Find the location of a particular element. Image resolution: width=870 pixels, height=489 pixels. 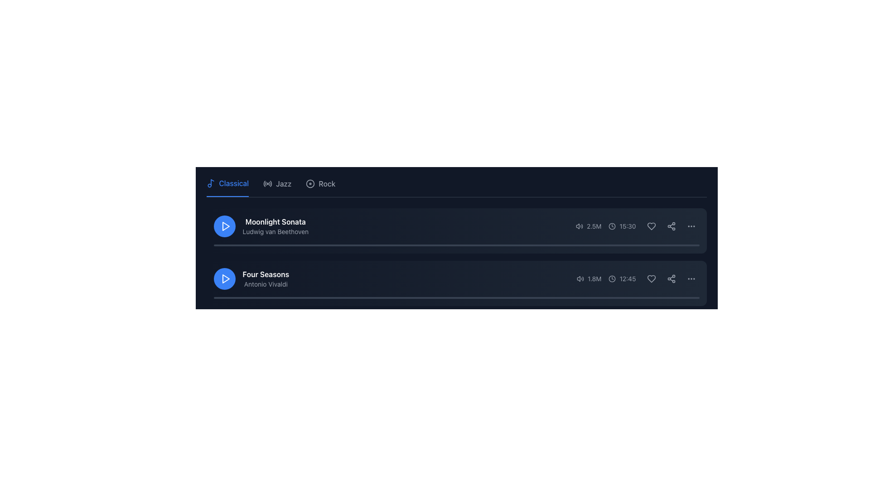

the play button associated with the 'Four Seasons' listing is located at coordinates (224, 278).